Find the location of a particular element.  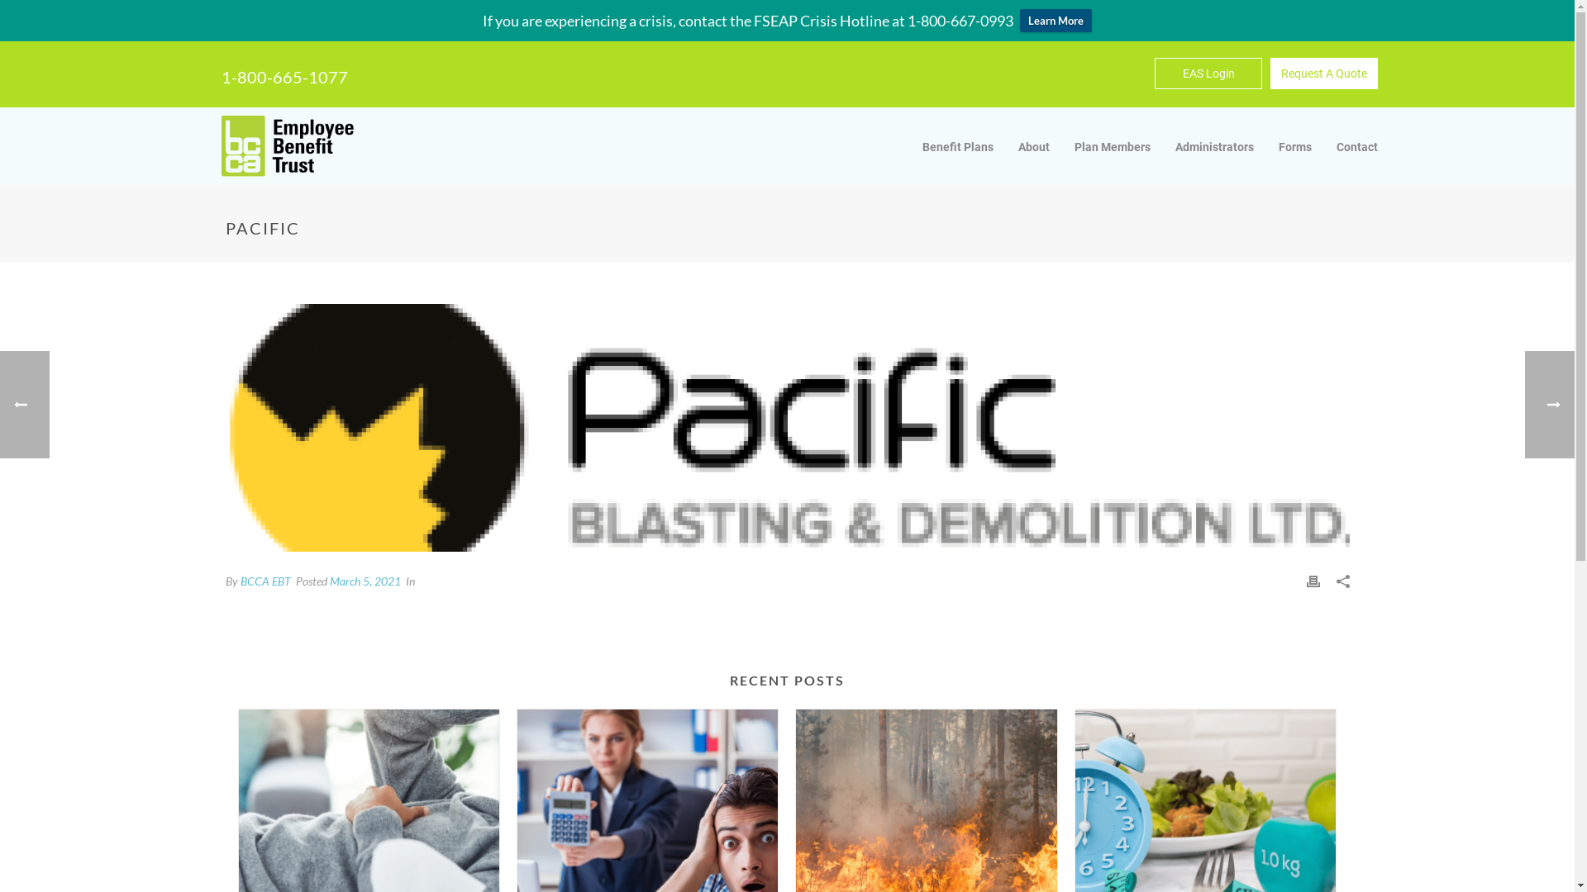

'Contact' is located at coordinates (1356, 145).